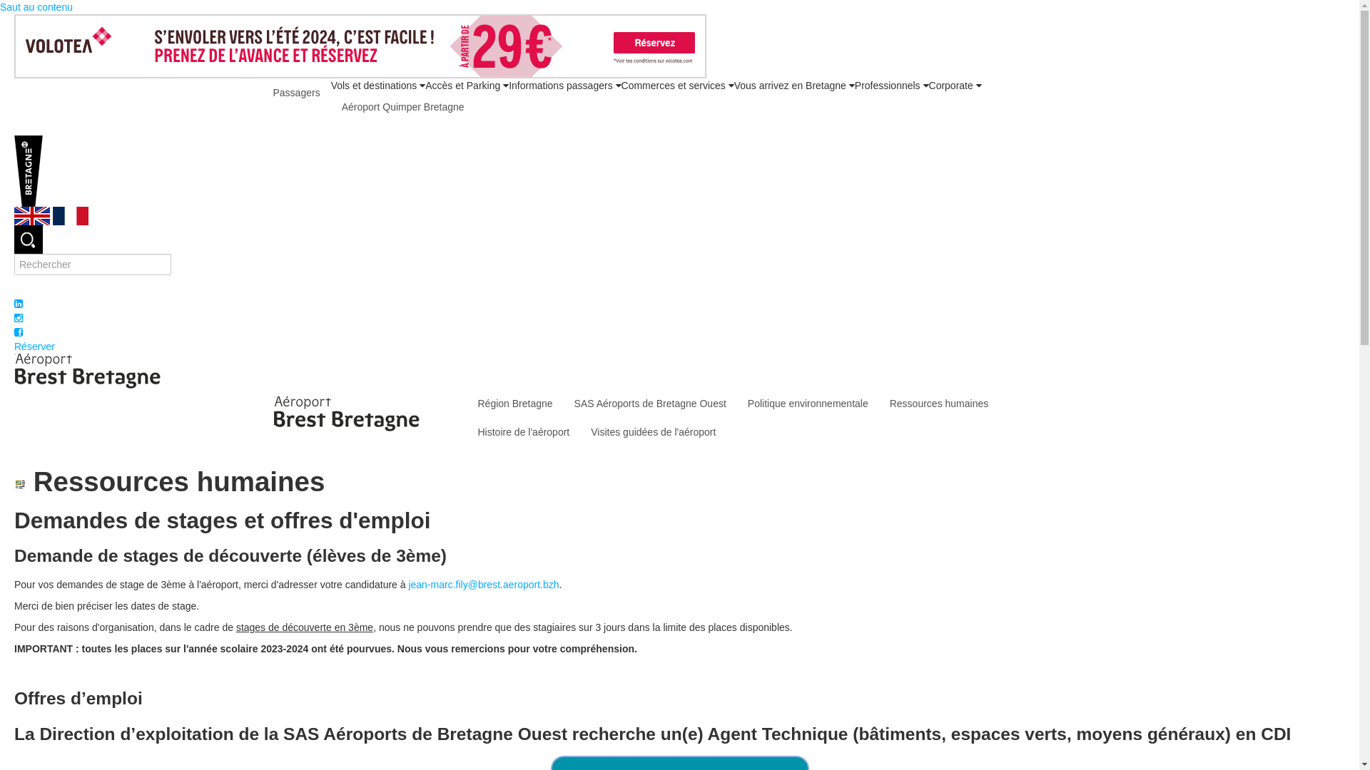 Image resolution: width=1370 pixels, height=770 pixels. Describe the element at coordinates (483, 585) in the screenshot. I see `'jean-marc.fily@brest.aeroport.bzh'` at that location.